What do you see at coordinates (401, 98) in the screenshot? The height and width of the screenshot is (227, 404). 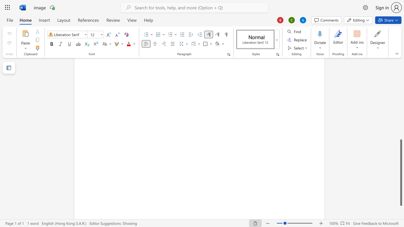 I see `the scrollbar to scroll the page up` at bounding box center [401, 98].